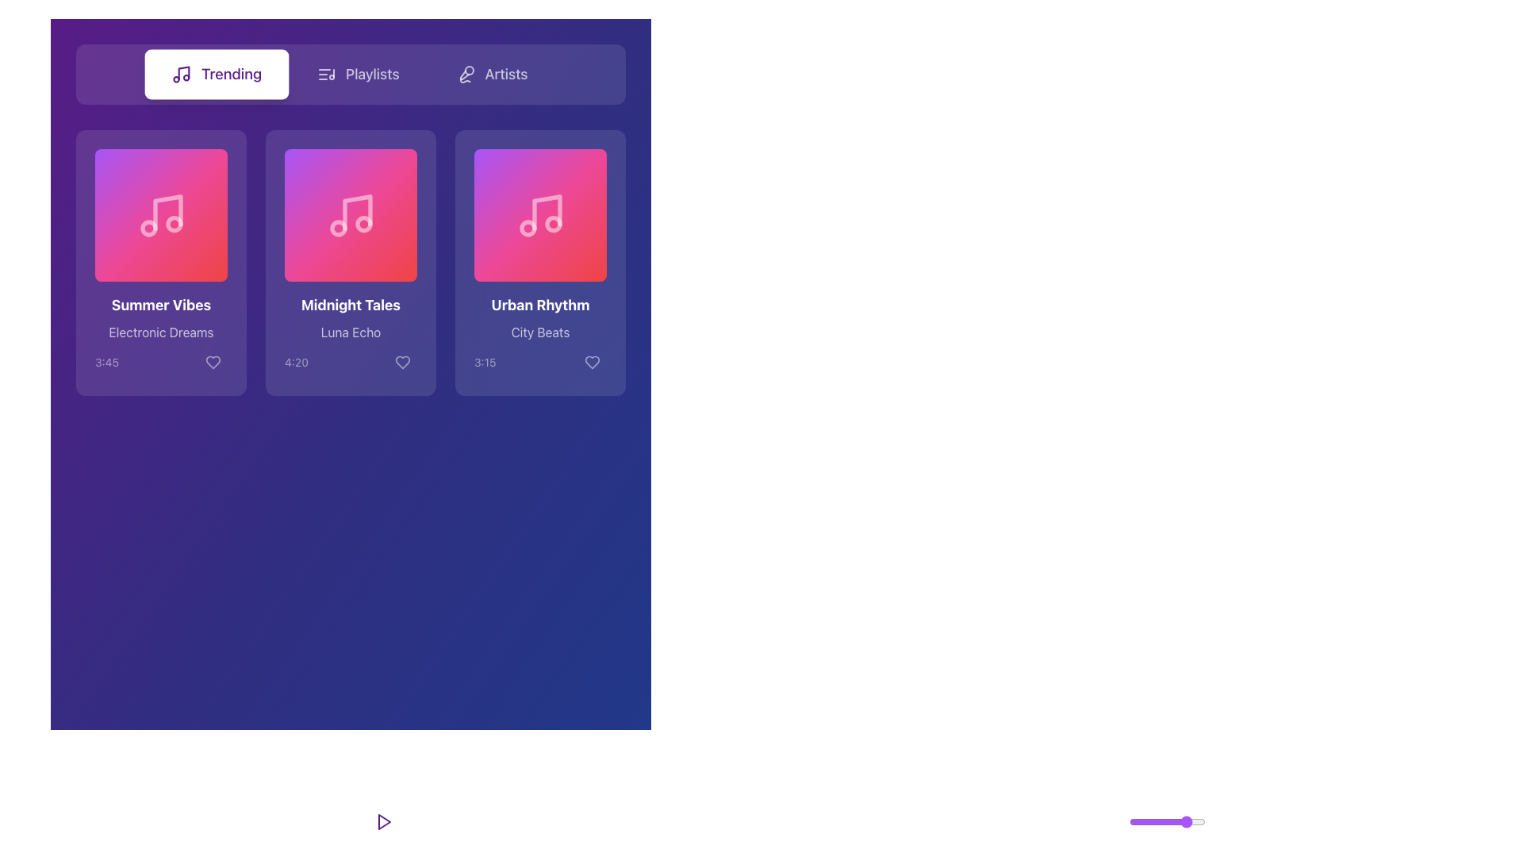 Image resolution: width=1523 pixels, height=857 pixels. I want to click on the slider, so click(1202, 821).